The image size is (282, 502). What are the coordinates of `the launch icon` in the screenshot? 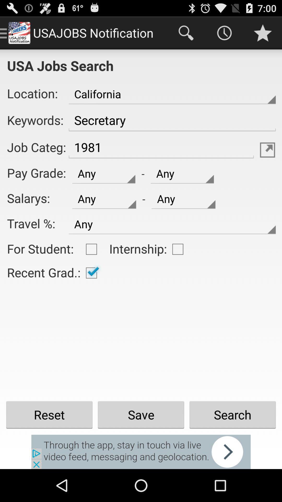 It's located at (267, 160).